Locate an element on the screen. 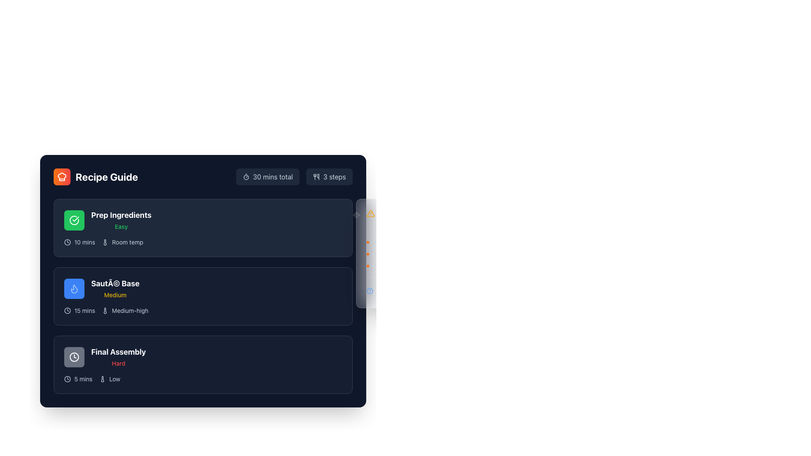  the text label displaying '5 mins' located in the 'Final Assembly' section, aligned with a clock icon is located at coordinates (83, 379).